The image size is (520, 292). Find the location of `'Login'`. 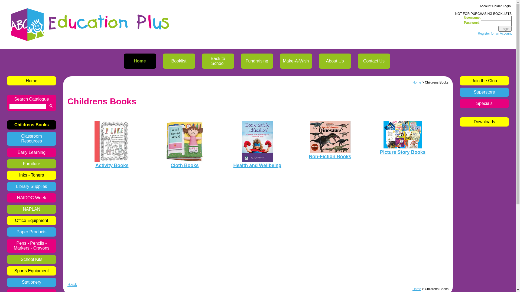

'Login' is located at coordinates (505, 29).